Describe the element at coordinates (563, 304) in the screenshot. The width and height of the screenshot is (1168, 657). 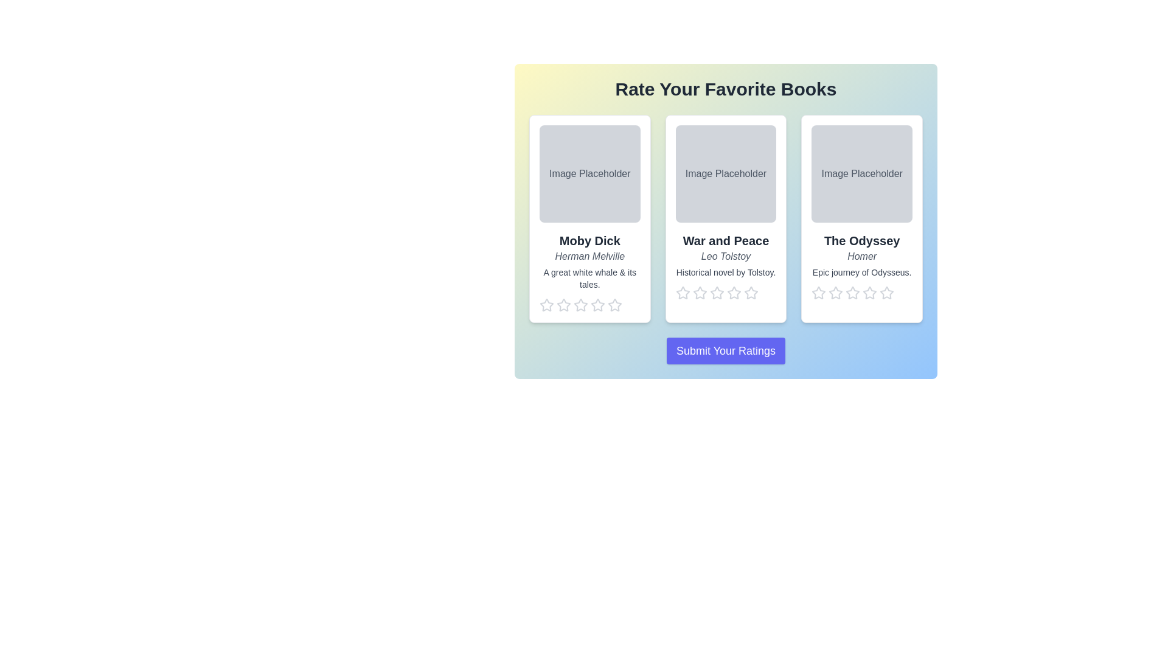
I see `the star corresponding to the rating 2 for the book Moby Dick` at that location.